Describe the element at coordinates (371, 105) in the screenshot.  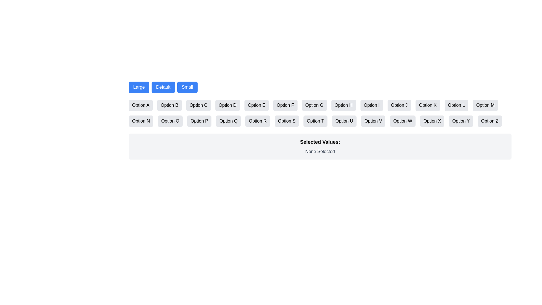
I see `the selectable button for 'Option I' located in the first row of a grid layout, between 'Option H' and 'Option J'` at that location.